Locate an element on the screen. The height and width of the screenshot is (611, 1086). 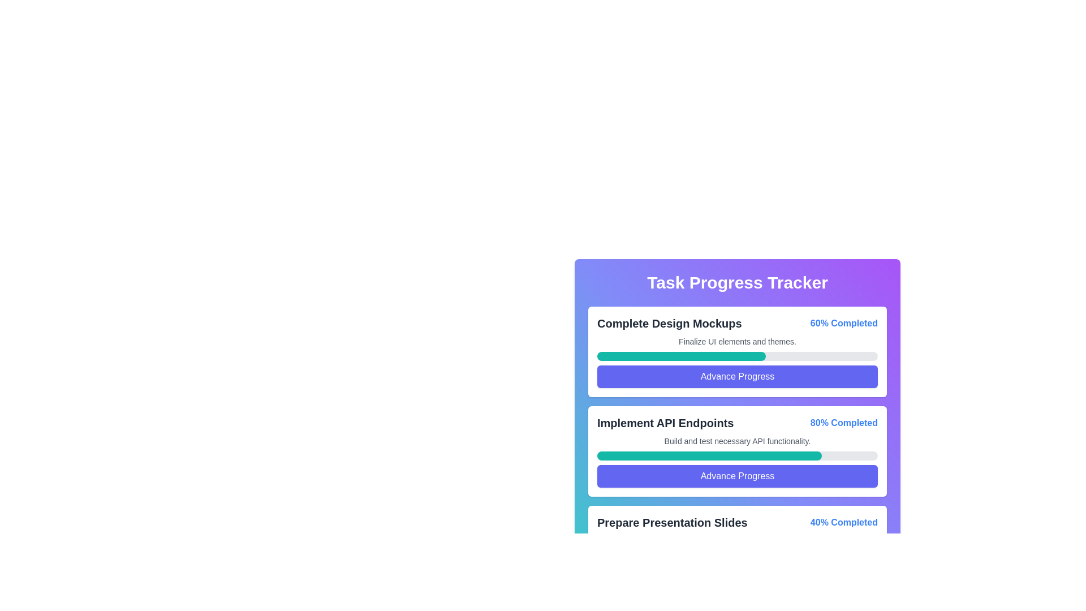
the text elements of the progress block for 'Implement API Endpoints' is located at coordinates (738, 451).